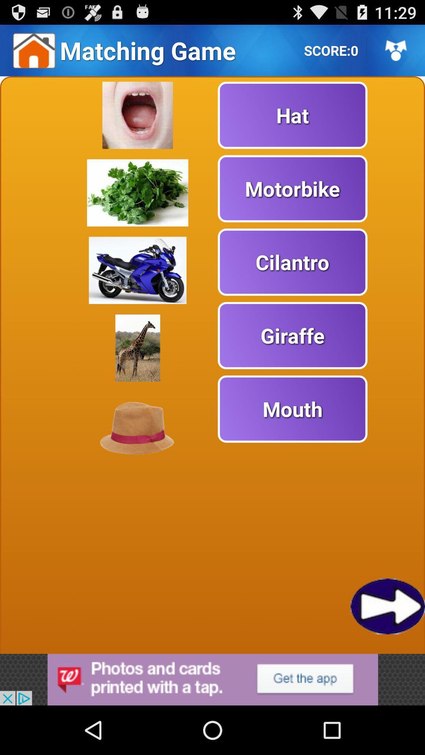 The width and height of the screenshot is (425, 755). What do you see at coordinates (387, 649) in the screenshot?
I see `the arrow_forward icon` at bounding box center [387, 649].